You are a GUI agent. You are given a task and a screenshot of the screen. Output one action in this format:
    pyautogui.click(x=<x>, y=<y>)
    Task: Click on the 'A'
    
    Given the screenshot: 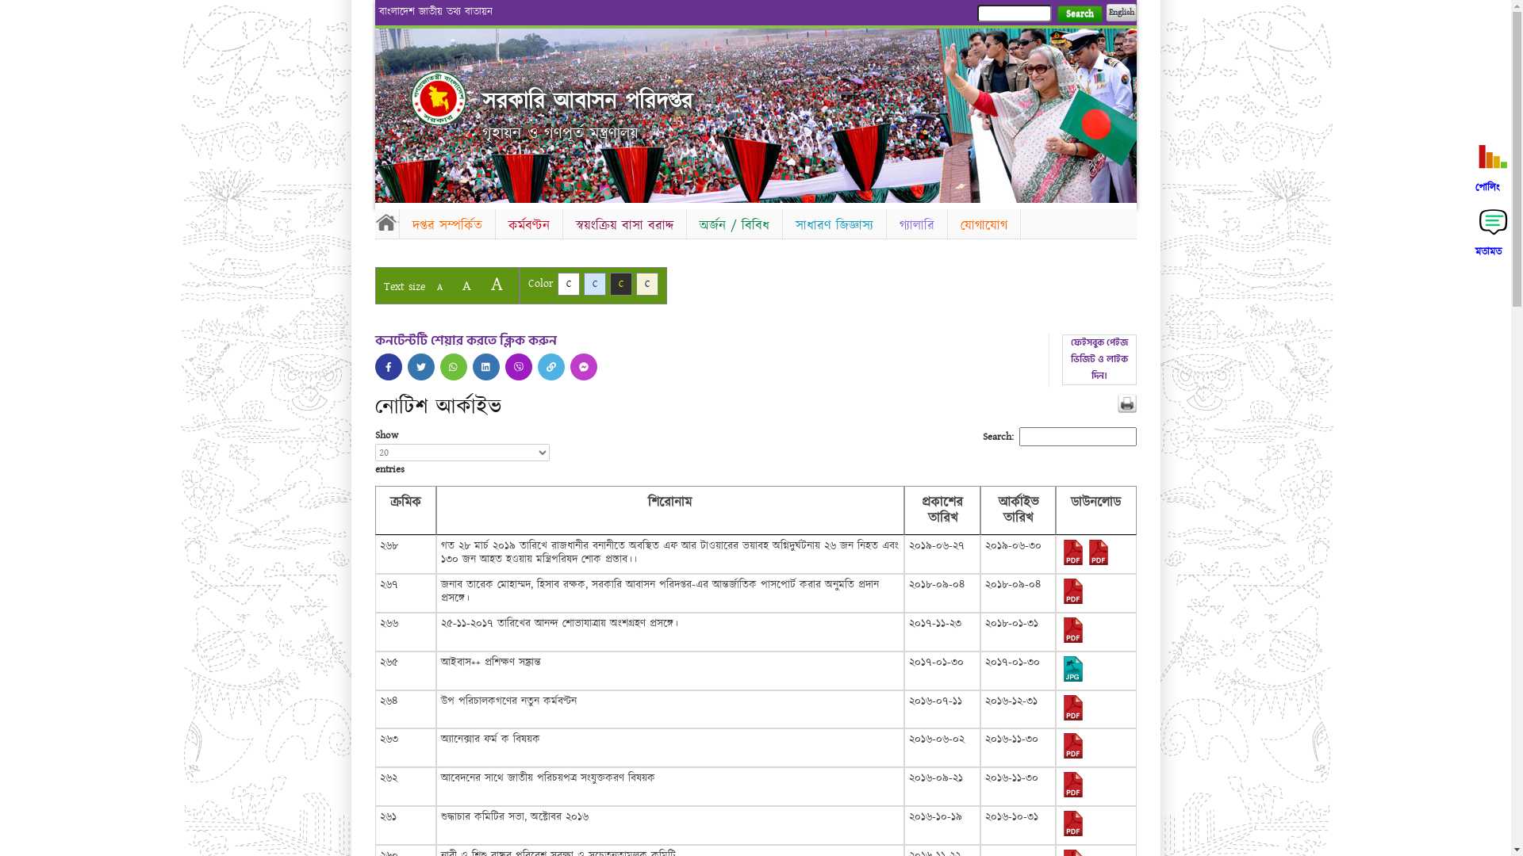 What is the action you would take?
    pyautogui.click(x=452, y=285)
    